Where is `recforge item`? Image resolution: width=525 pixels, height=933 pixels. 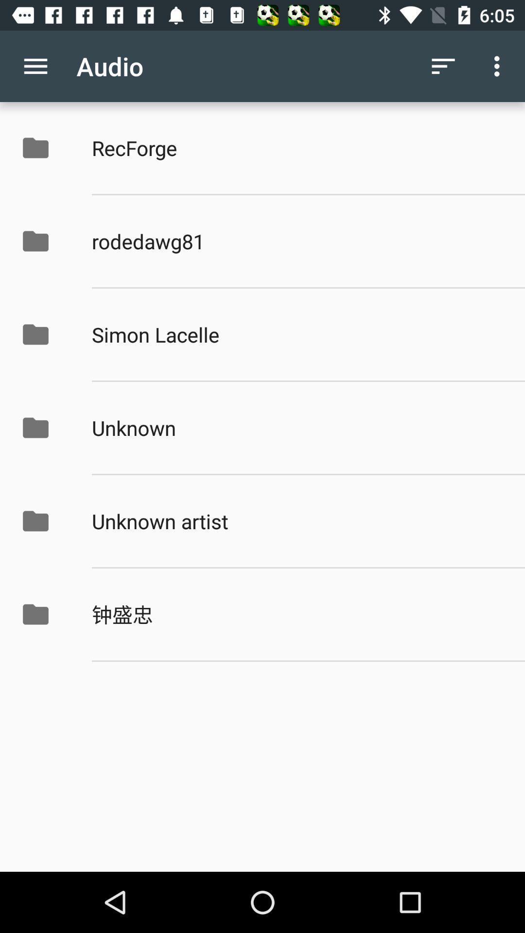
recforge item is located at coordinates (297, 147).